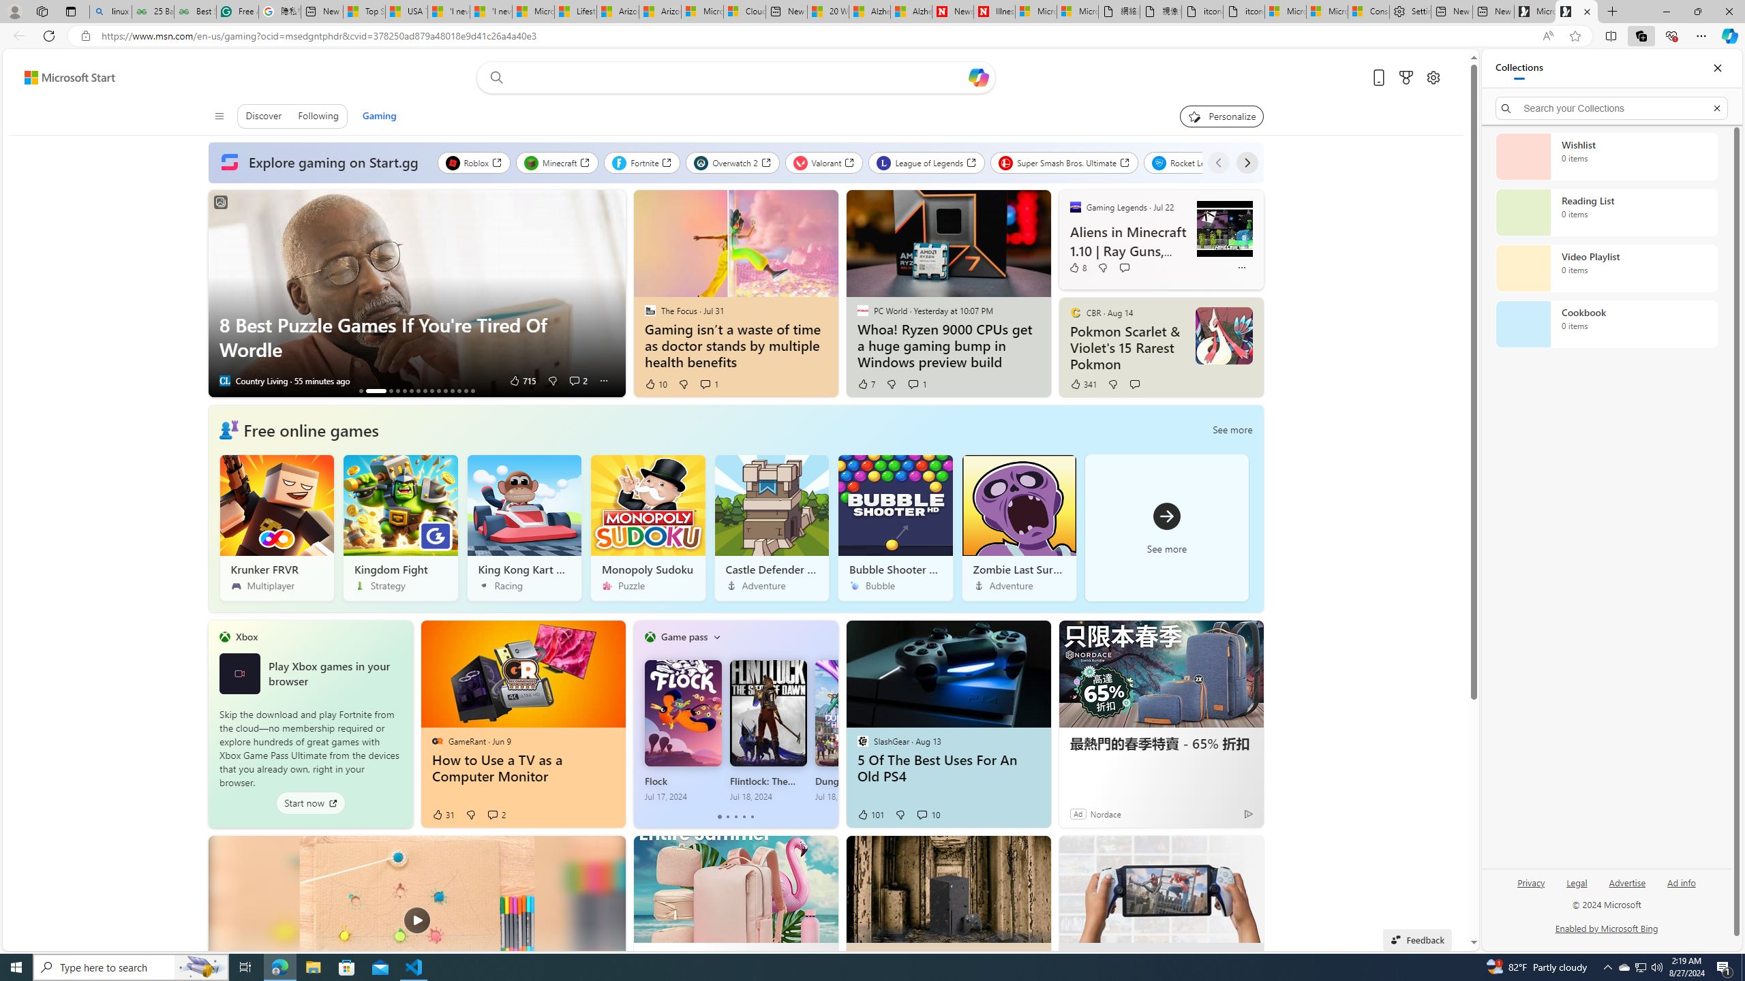 This screenshot has width=1745, height=981. Describe the element at coordinates (410, 391) in the screenshot. I see `'AutomationID: tab_nativead-resinfopane-6'` at that location.